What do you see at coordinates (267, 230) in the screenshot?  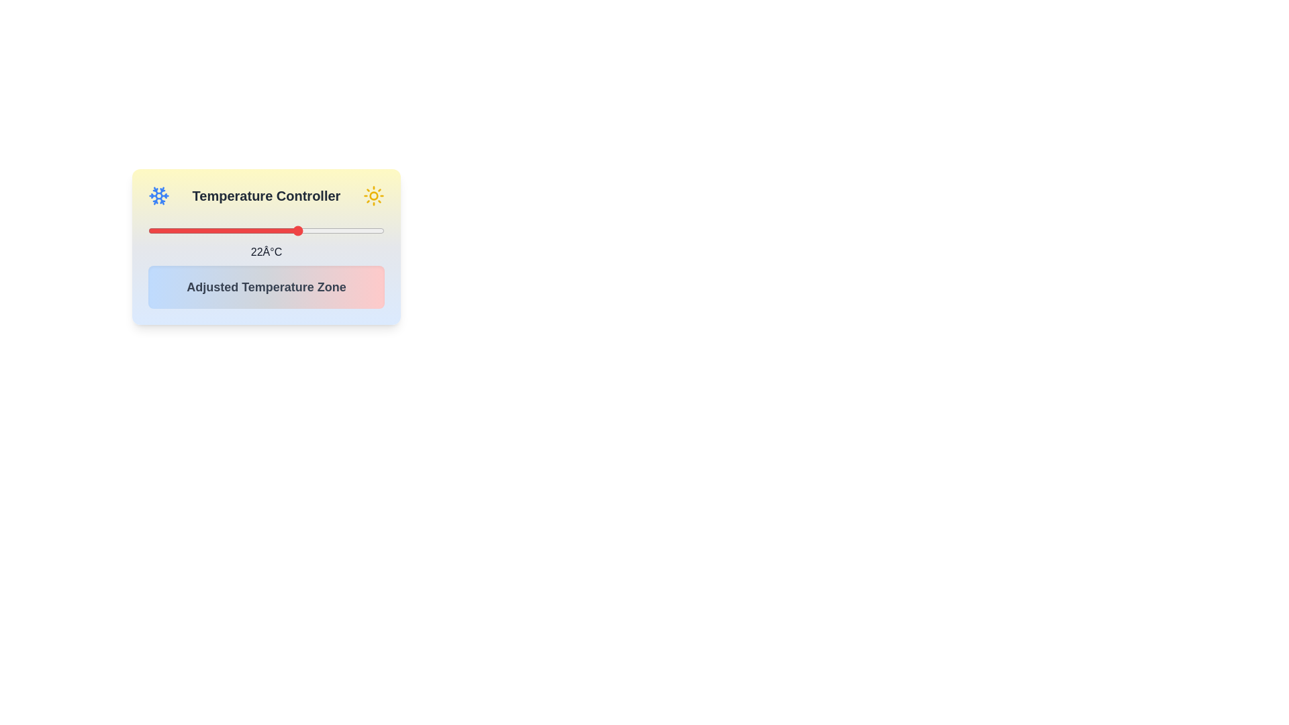 I see `the slider thumb` at bounding box center [267, 230].